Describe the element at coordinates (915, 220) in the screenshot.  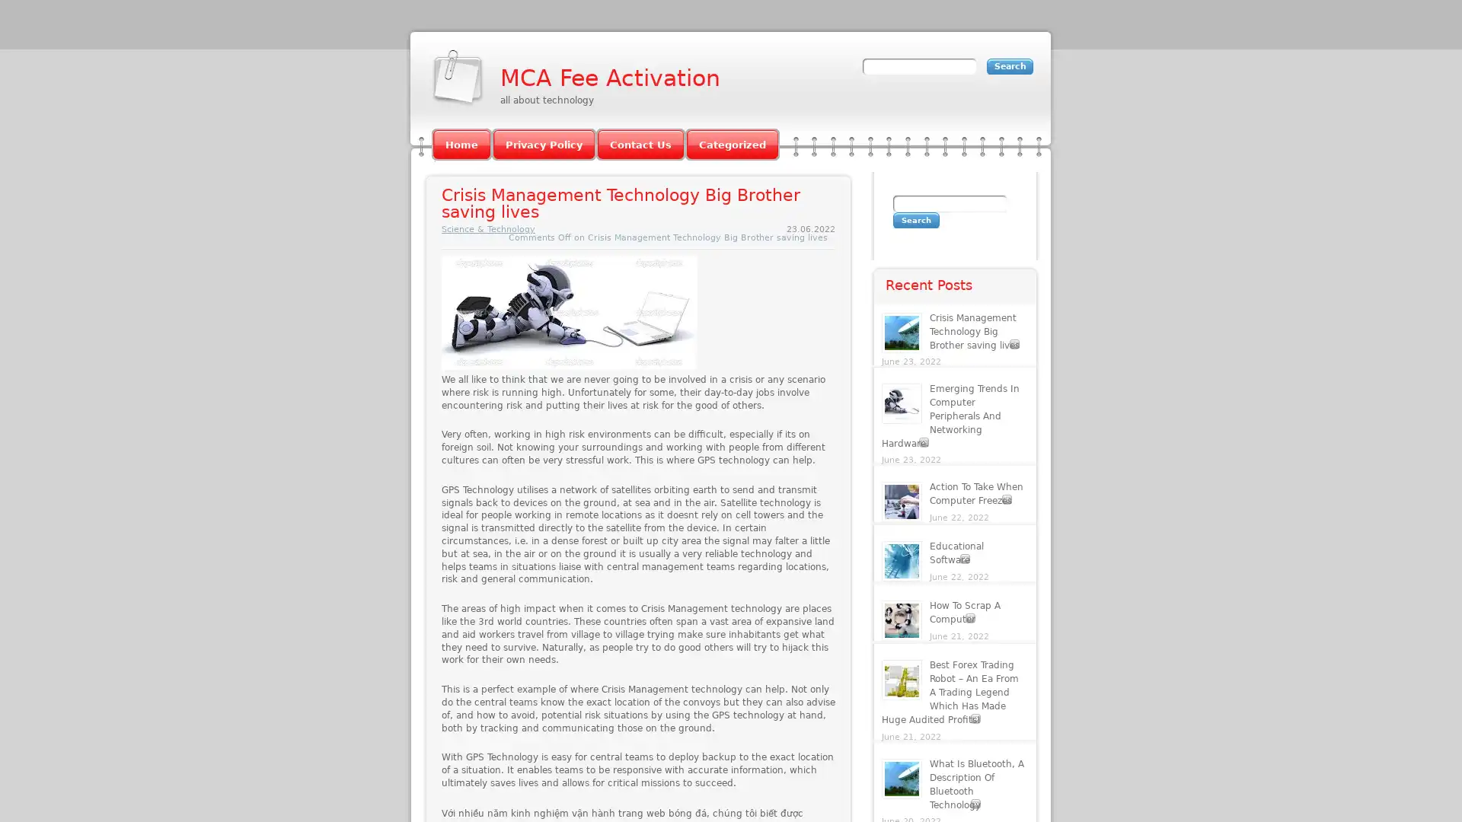
I see `Search` at that location.